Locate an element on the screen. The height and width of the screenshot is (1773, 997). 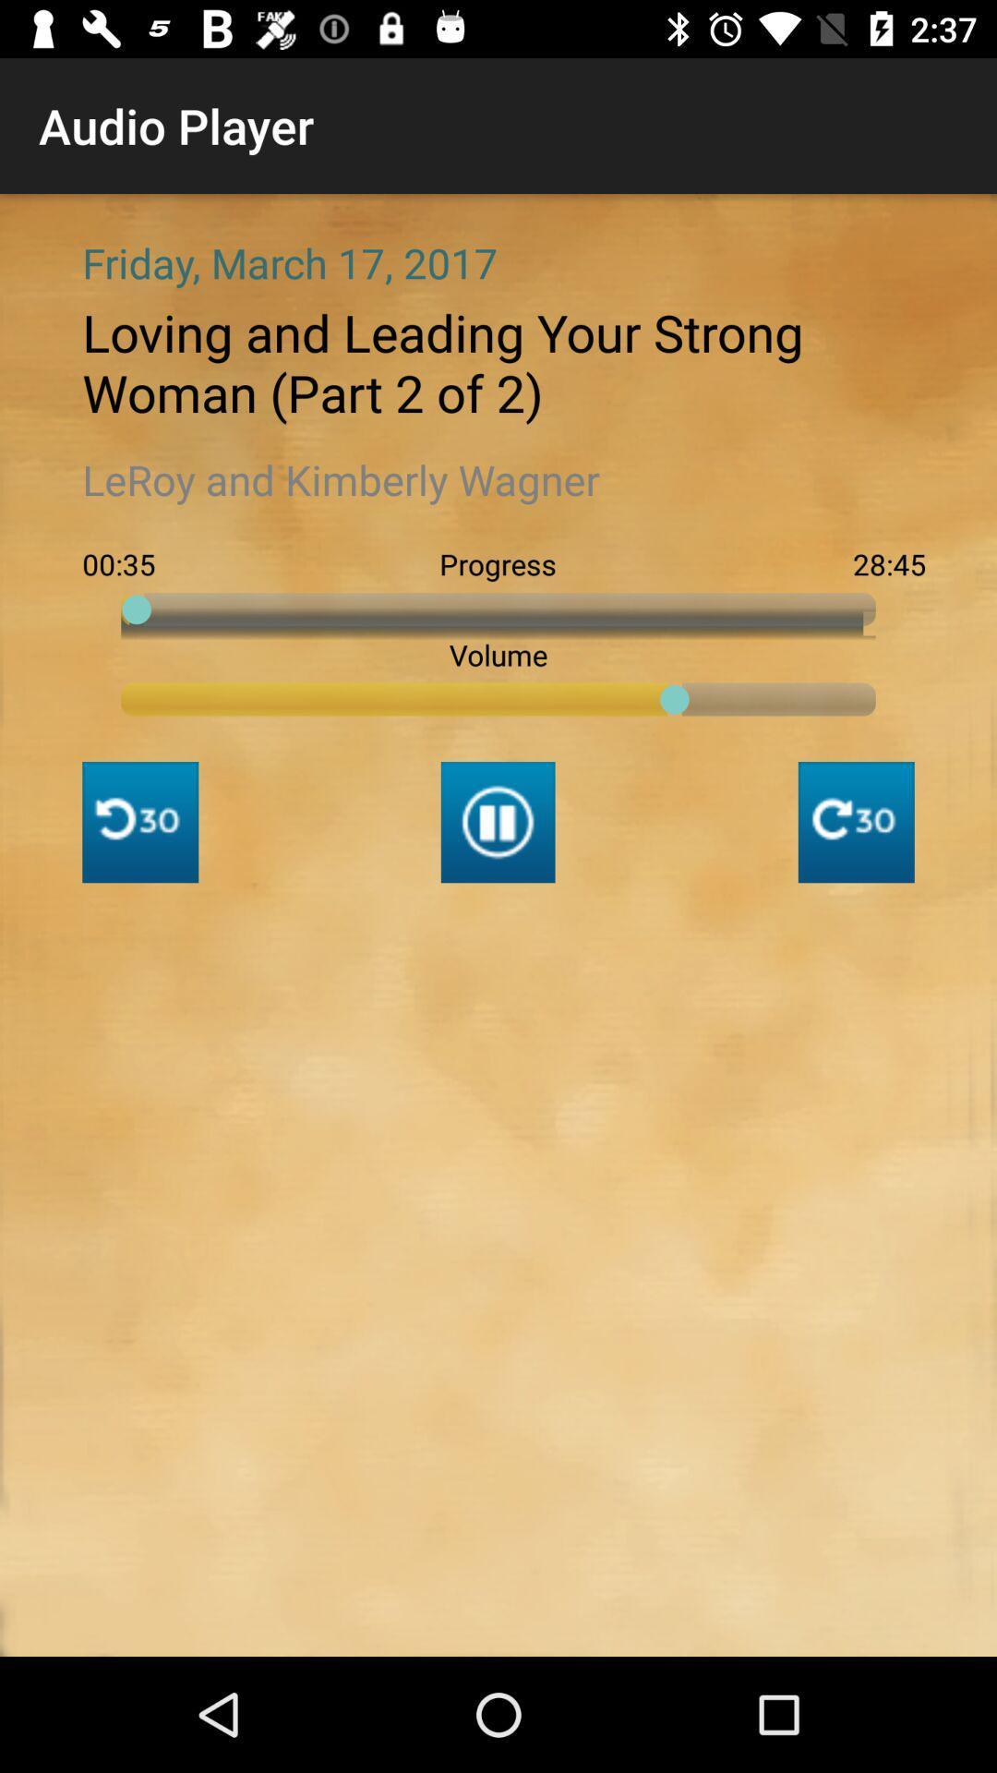
the refresh icon is located at coordinates (856, 821).